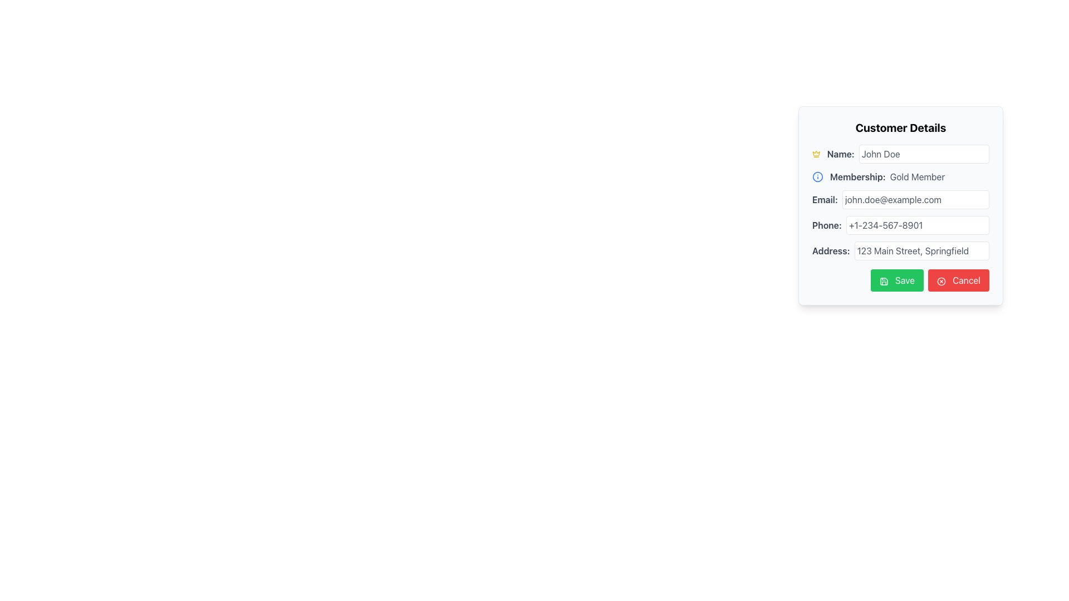  What do you see at coordinates (816, 154) in the screenshot?
I see `the yellow crown icon located to the left of the 'Name:' text in the customer details interface` at bounding box center [816, 154].